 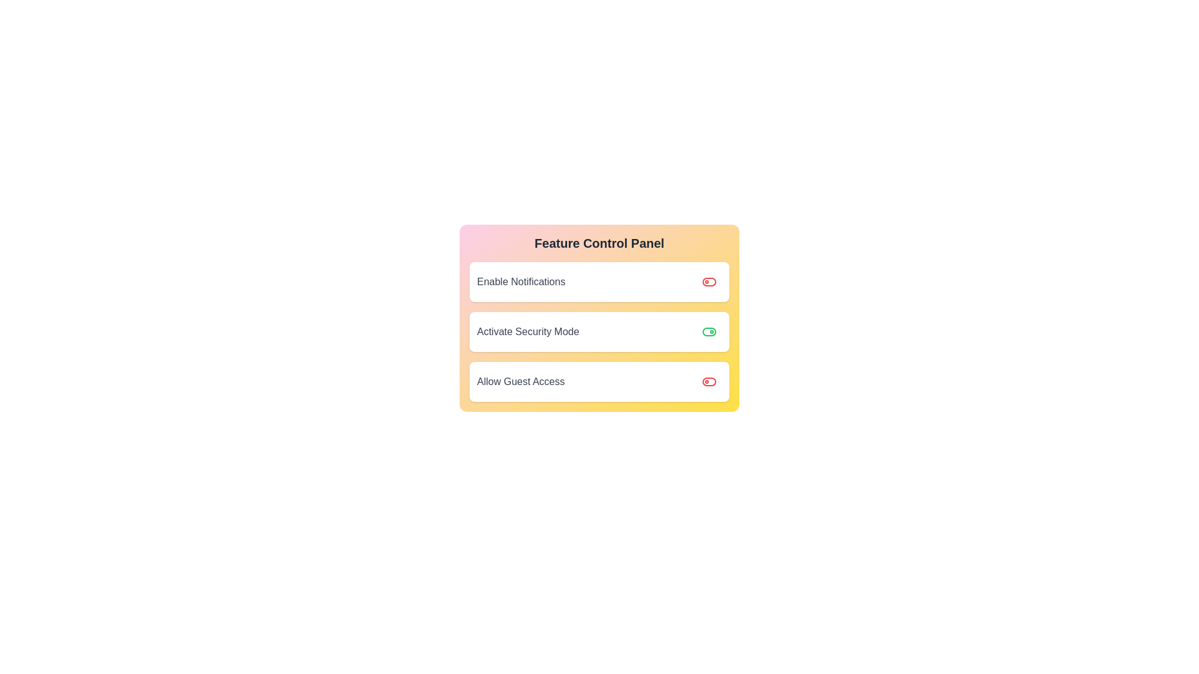 I want to click on the toggle switch base for the 'Activate Security Mode' option in the 'Feature Control Panel', which visually indicates the switch's position between on and off states, so click(x=709, y=331).